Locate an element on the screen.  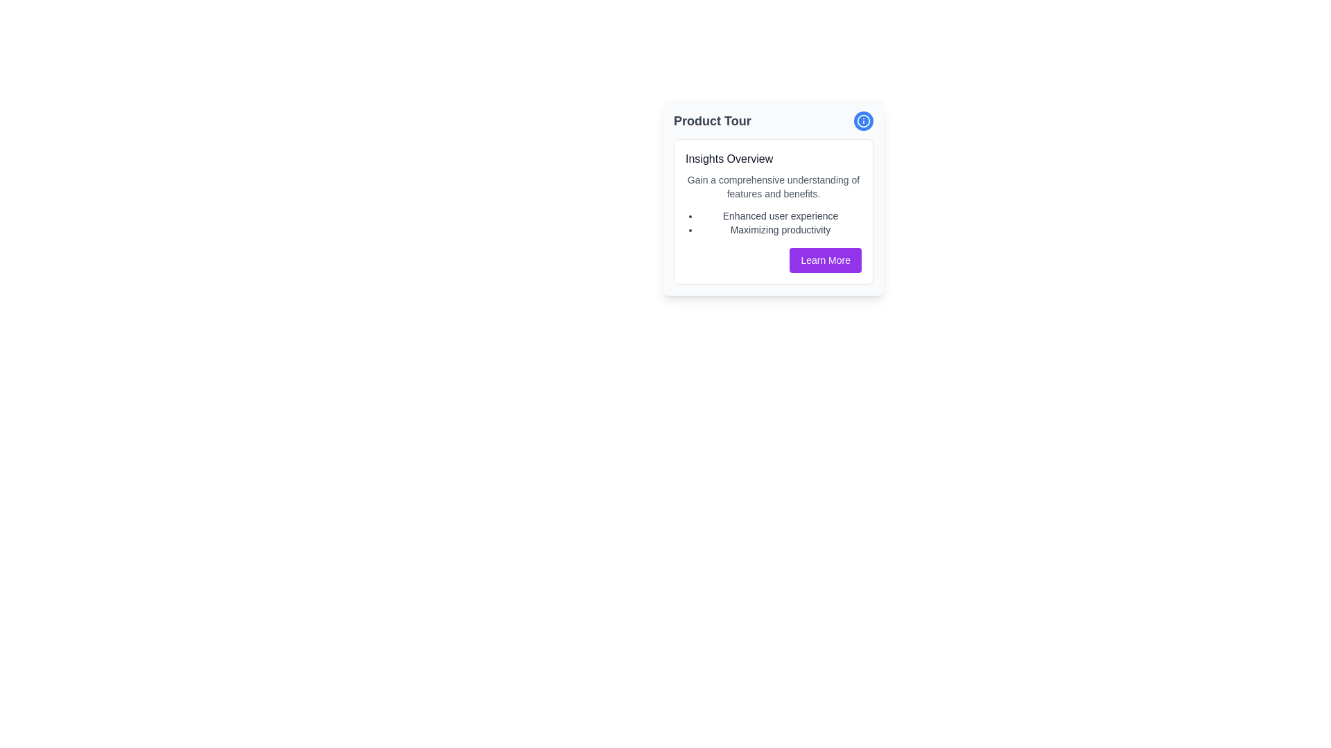
the purple rectangular button labeled 'Learn More' to observe its hover state effects, located below 'Insights Overview' is located at coordinates (826, 260).